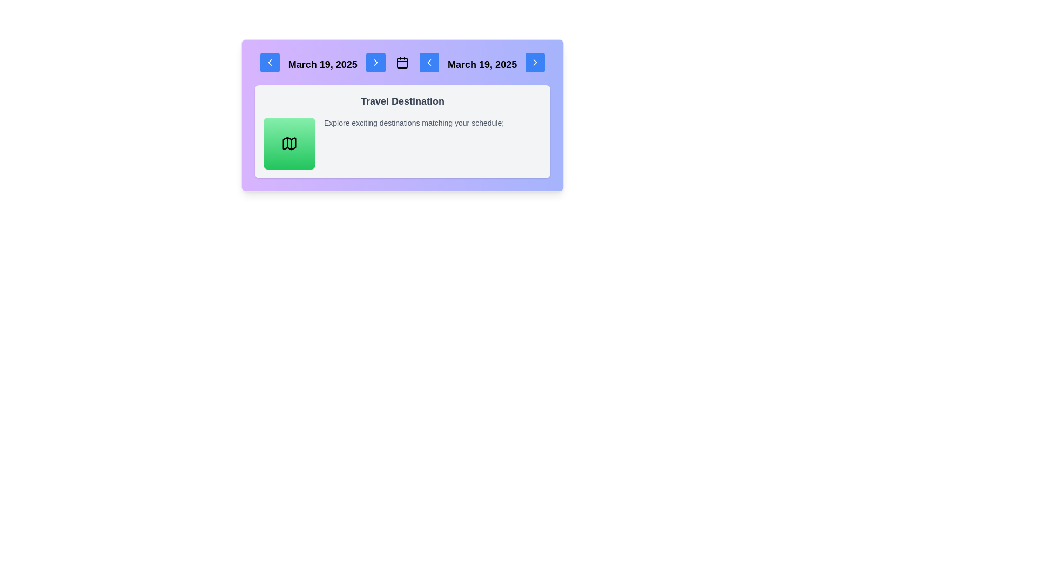  What do you see at coordinates (402, 62) in the screenshot?
I see `the calendar icon located between the dates 'March 19, 2025'` at bounding box center [402, 62].